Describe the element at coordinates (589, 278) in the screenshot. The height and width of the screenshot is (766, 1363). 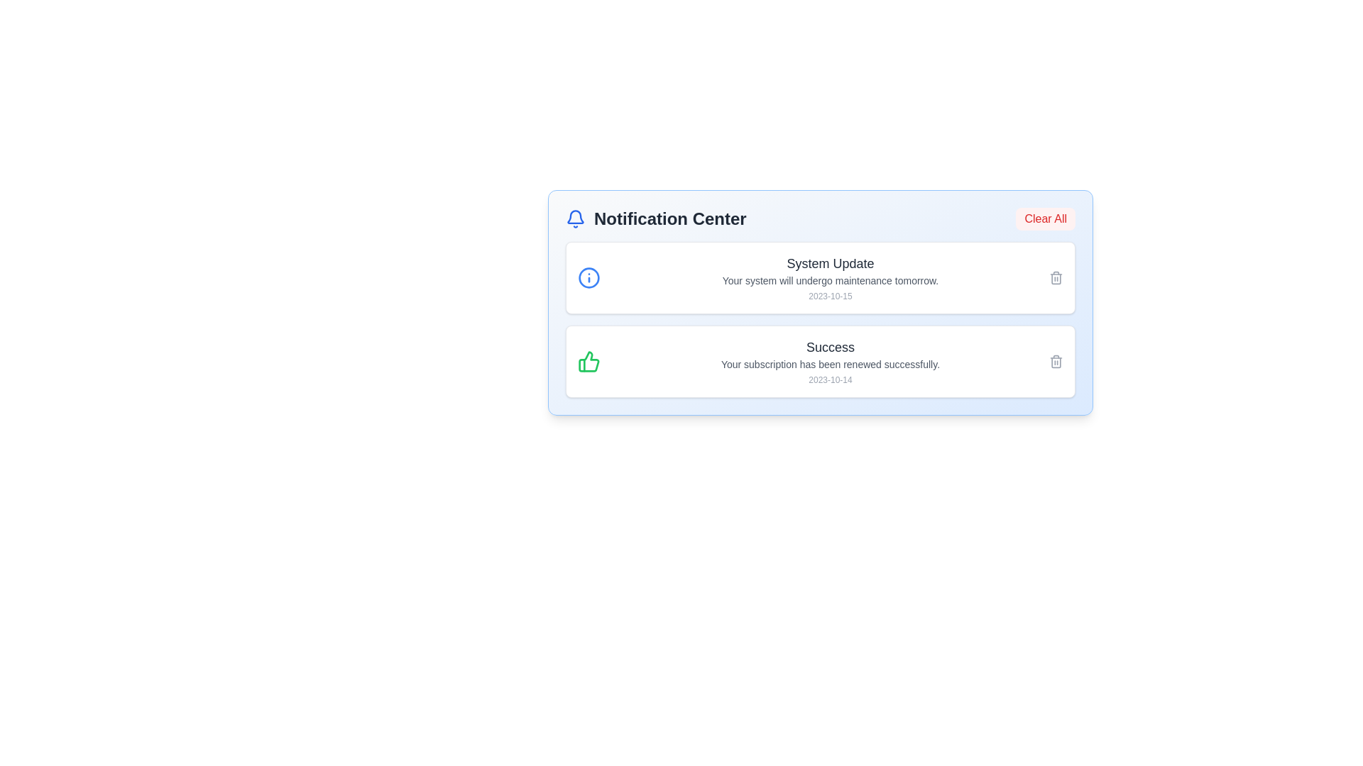
I see `the circular icon with a blue border located in the notification panel next to the bell icon` at that location.